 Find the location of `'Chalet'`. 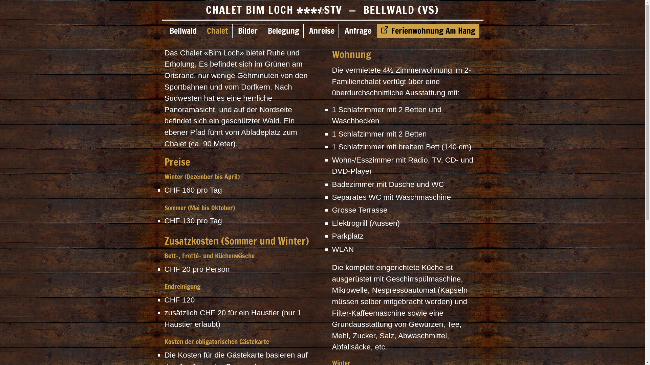

'Chalet' is located at coordinates (218, 31).